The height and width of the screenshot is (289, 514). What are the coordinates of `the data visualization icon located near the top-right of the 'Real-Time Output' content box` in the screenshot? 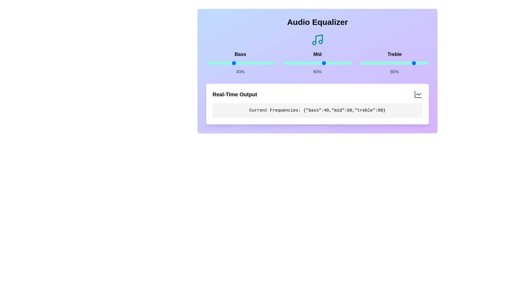 It's located at (418, 94).